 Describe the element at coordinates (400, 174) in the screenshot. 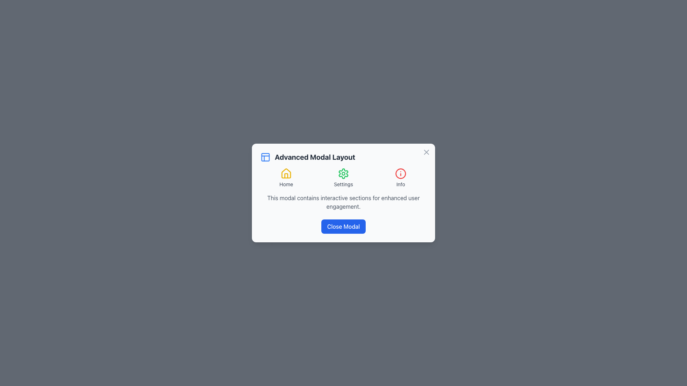

I see `the rightmost icon in the modal interface` at that location.